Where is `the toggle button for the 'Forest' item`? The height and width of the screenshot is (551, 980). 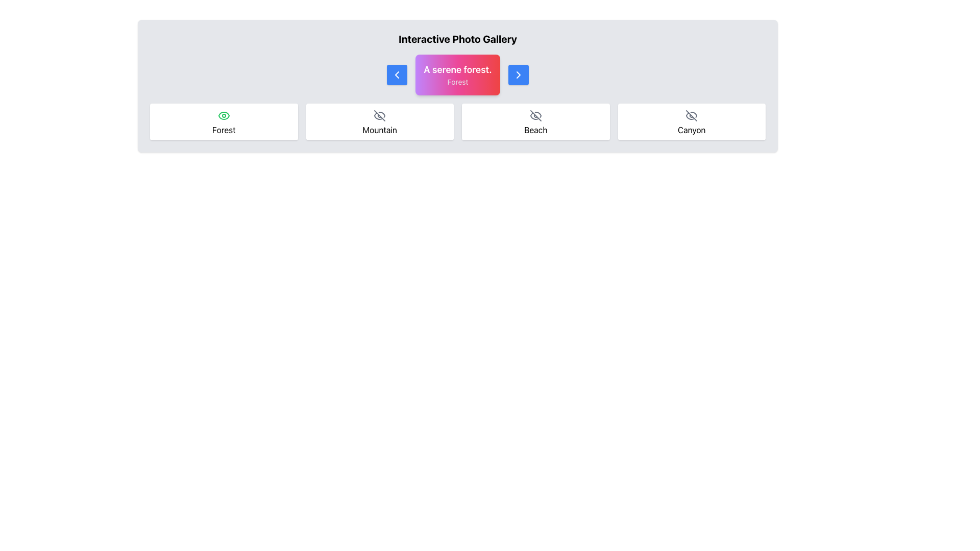
the toggle button for the 'Forest' item is located at coordinates (223, 115).